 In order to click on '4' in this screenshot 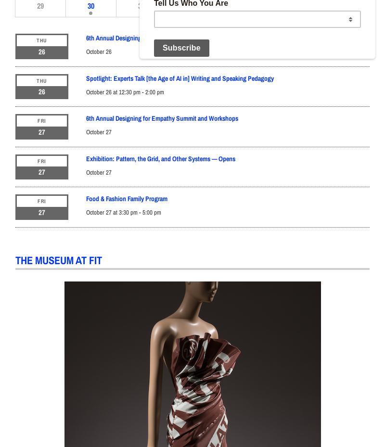, I will do `click(343, 5)`.